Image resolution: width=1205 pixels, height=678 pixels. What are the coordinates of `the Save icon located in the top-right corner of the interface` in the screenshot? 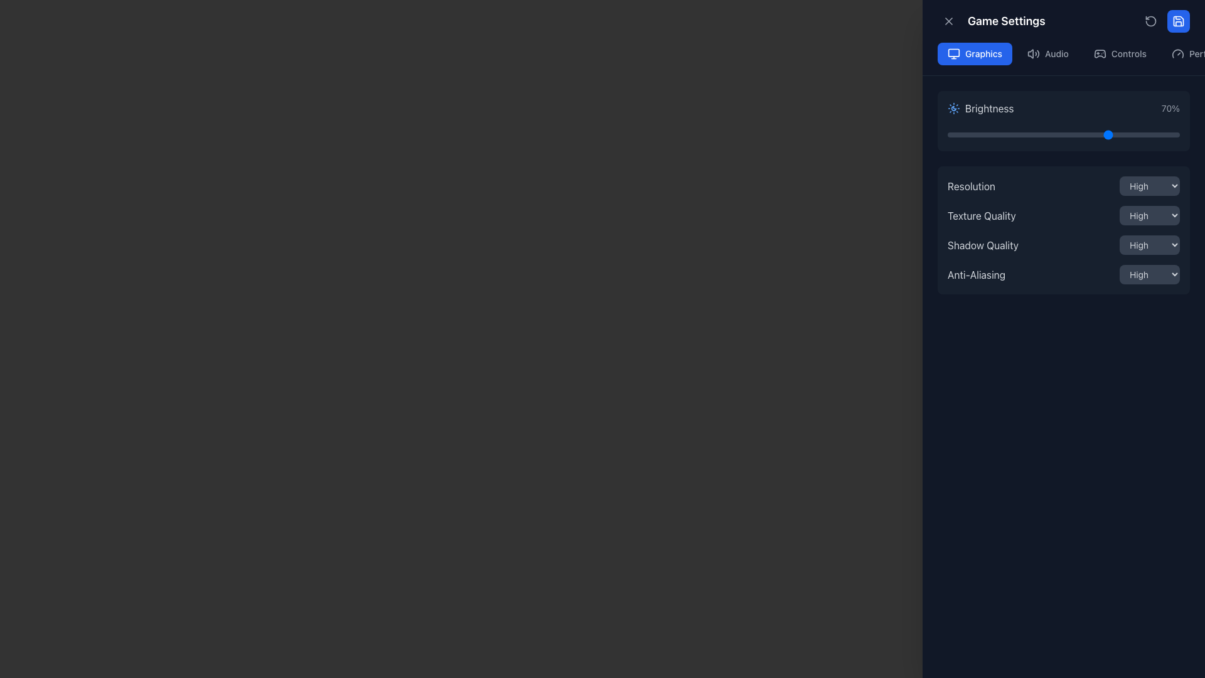 It's located at (1177, 21).